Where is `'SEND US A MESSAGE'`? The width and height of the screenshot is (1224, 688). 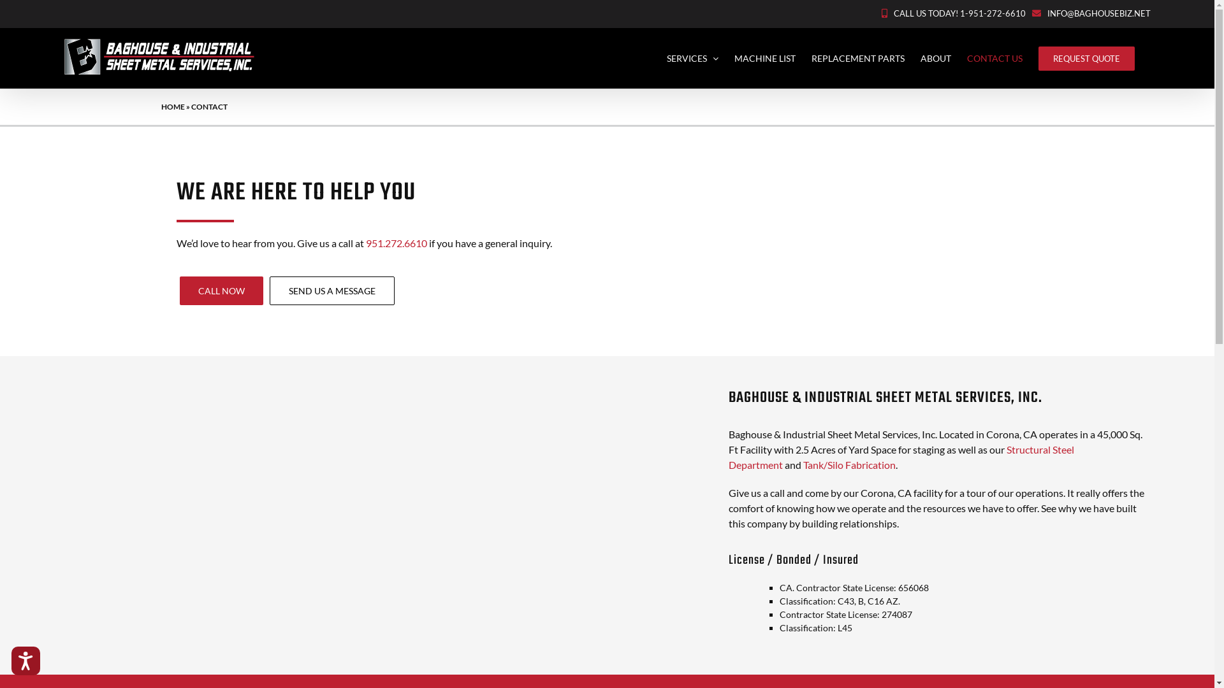 'SEND US A MESSAGE' is located at coordinates (332, 290).